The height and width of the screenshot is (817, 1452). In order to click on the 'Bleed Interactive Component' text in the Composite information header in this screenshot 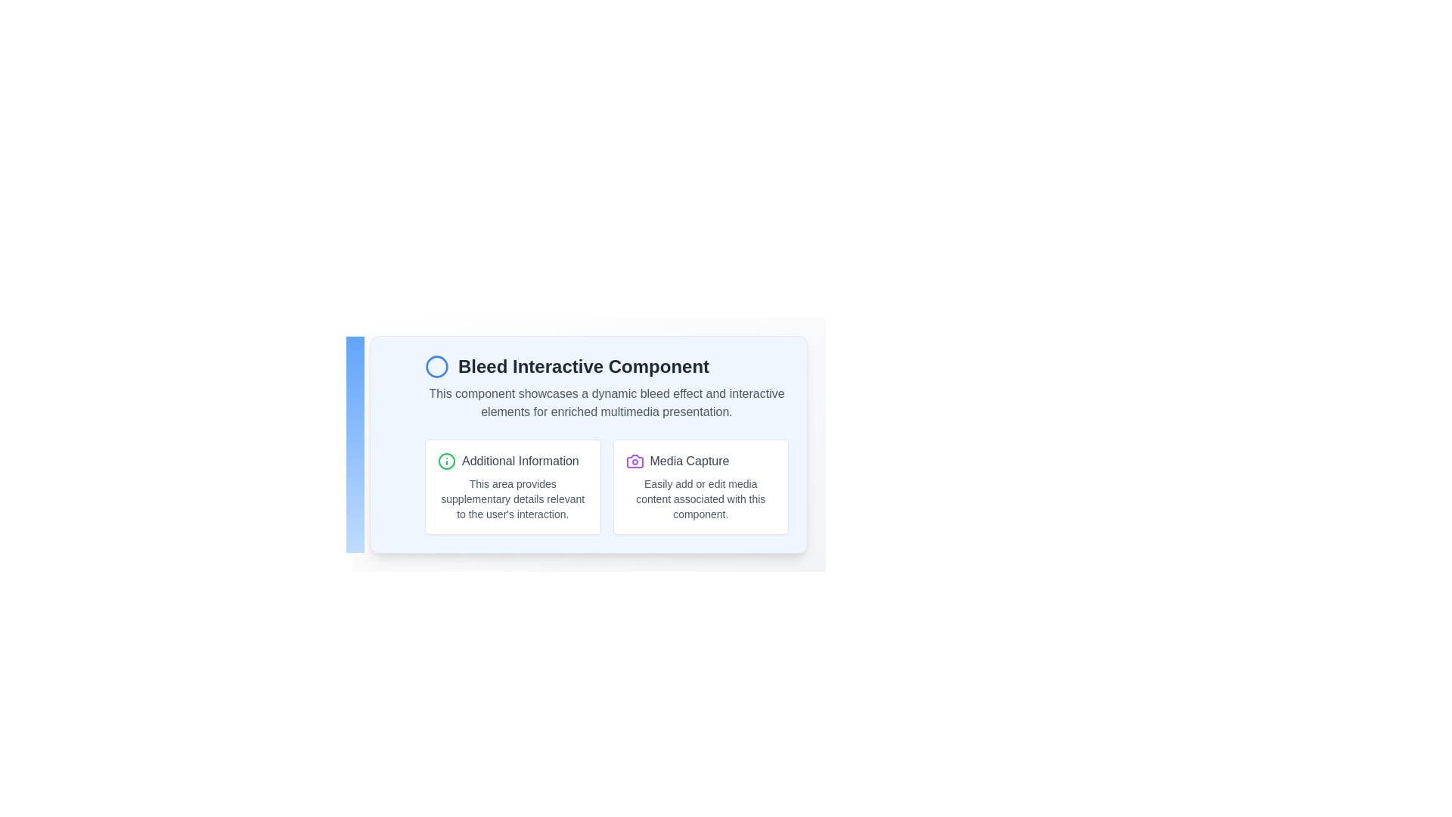, I will do `click(607, 367)`.